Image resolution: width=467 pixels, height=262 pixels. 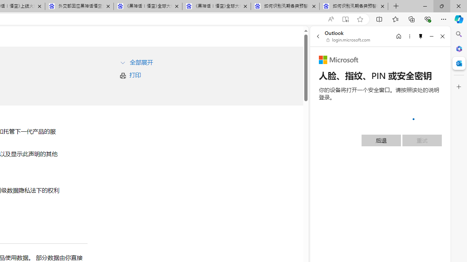 I want to click on 'login.microsoft.com', so click(x=348, y=40).